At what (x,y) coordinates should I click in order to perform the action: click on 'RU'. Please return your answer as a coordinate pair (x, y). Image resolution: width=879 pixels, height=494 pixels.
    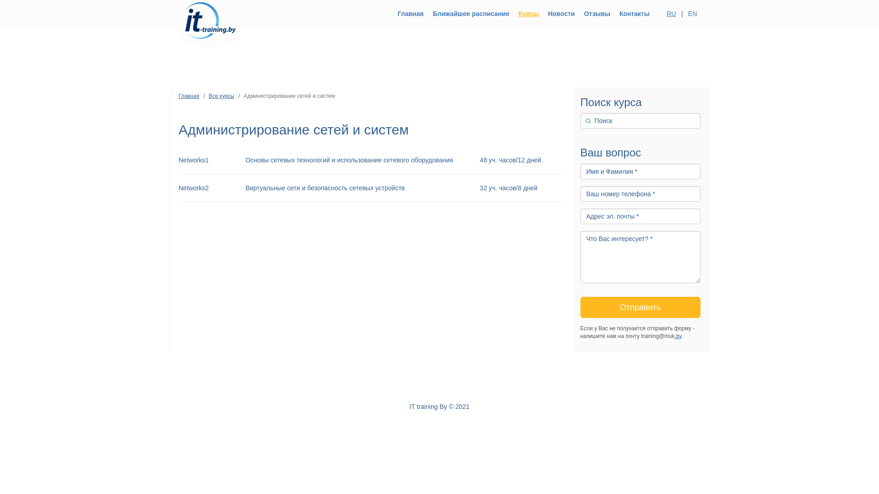
    Looking at the image, I should click on (663, 14).